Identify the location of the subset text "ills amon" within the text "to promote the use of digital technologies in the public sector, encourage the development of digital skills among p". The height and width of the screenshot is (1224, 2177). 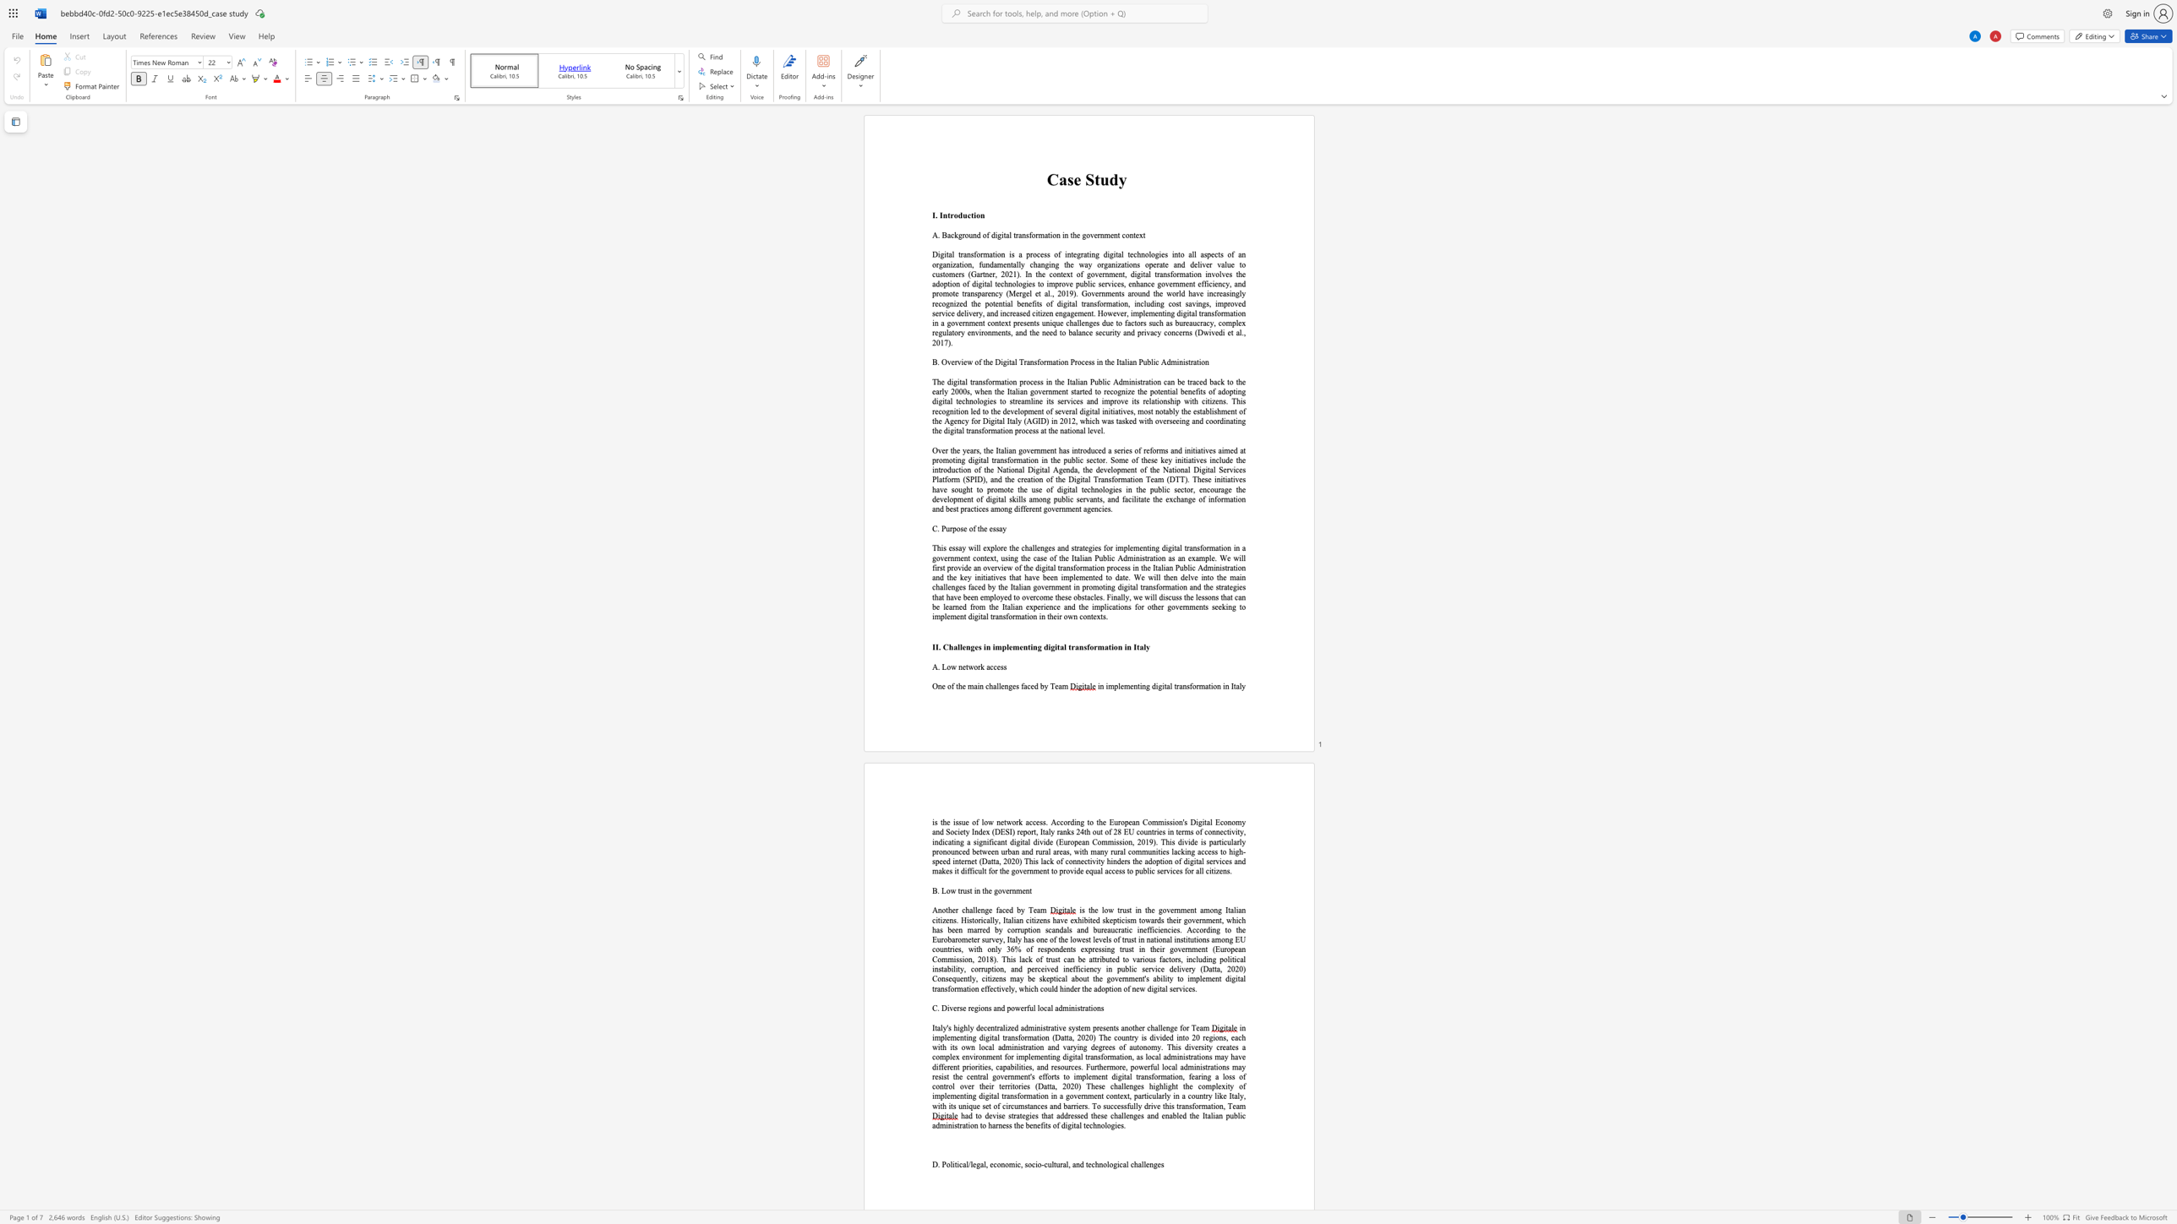
(1015, 498).